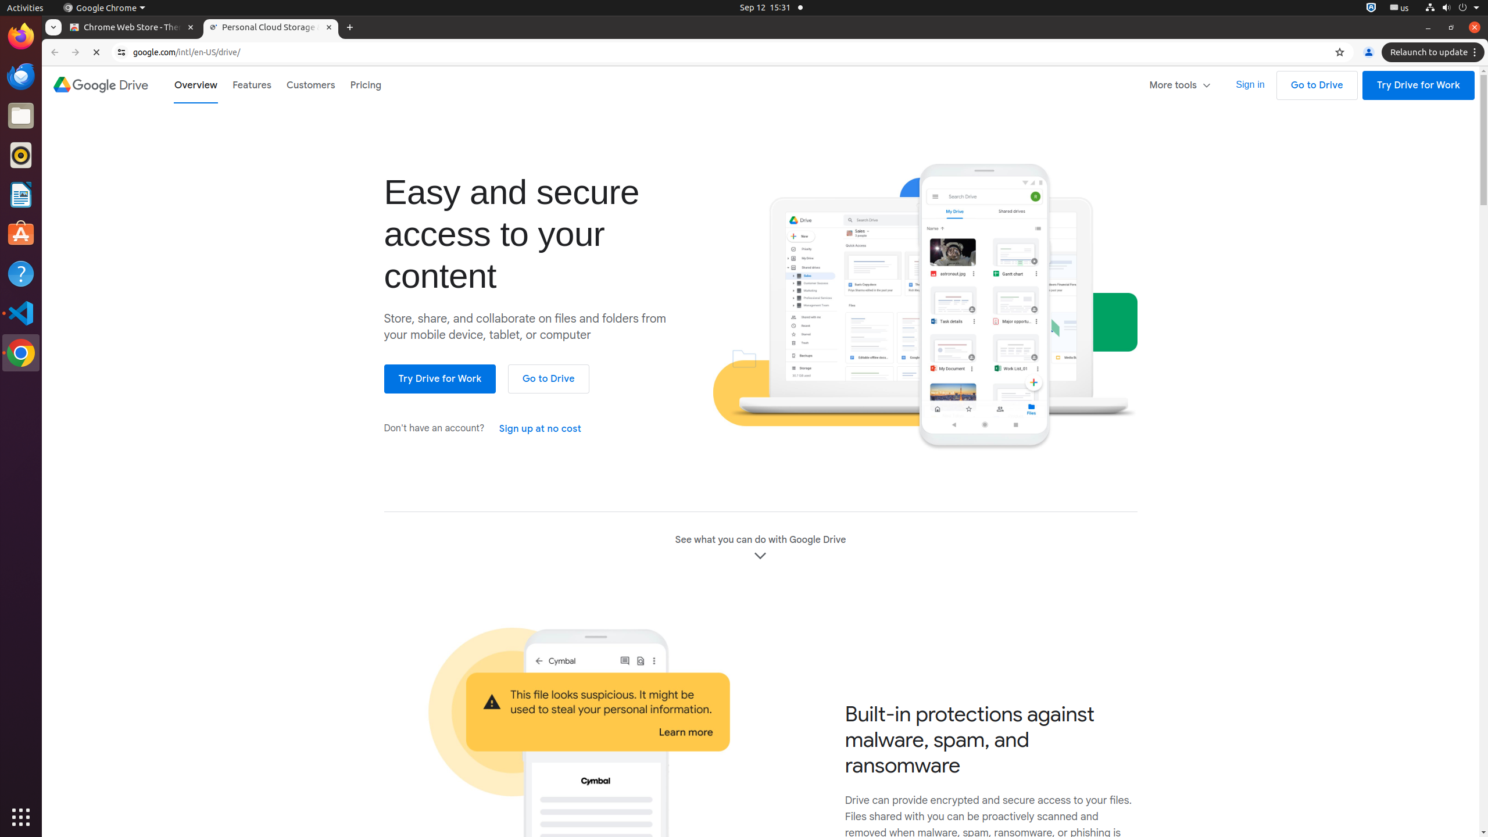 This screenshot has width=1488, height=837. Describe the element at coordinates (21, 154) in the screenshot. I see `'Rhythmbox'` at that location.